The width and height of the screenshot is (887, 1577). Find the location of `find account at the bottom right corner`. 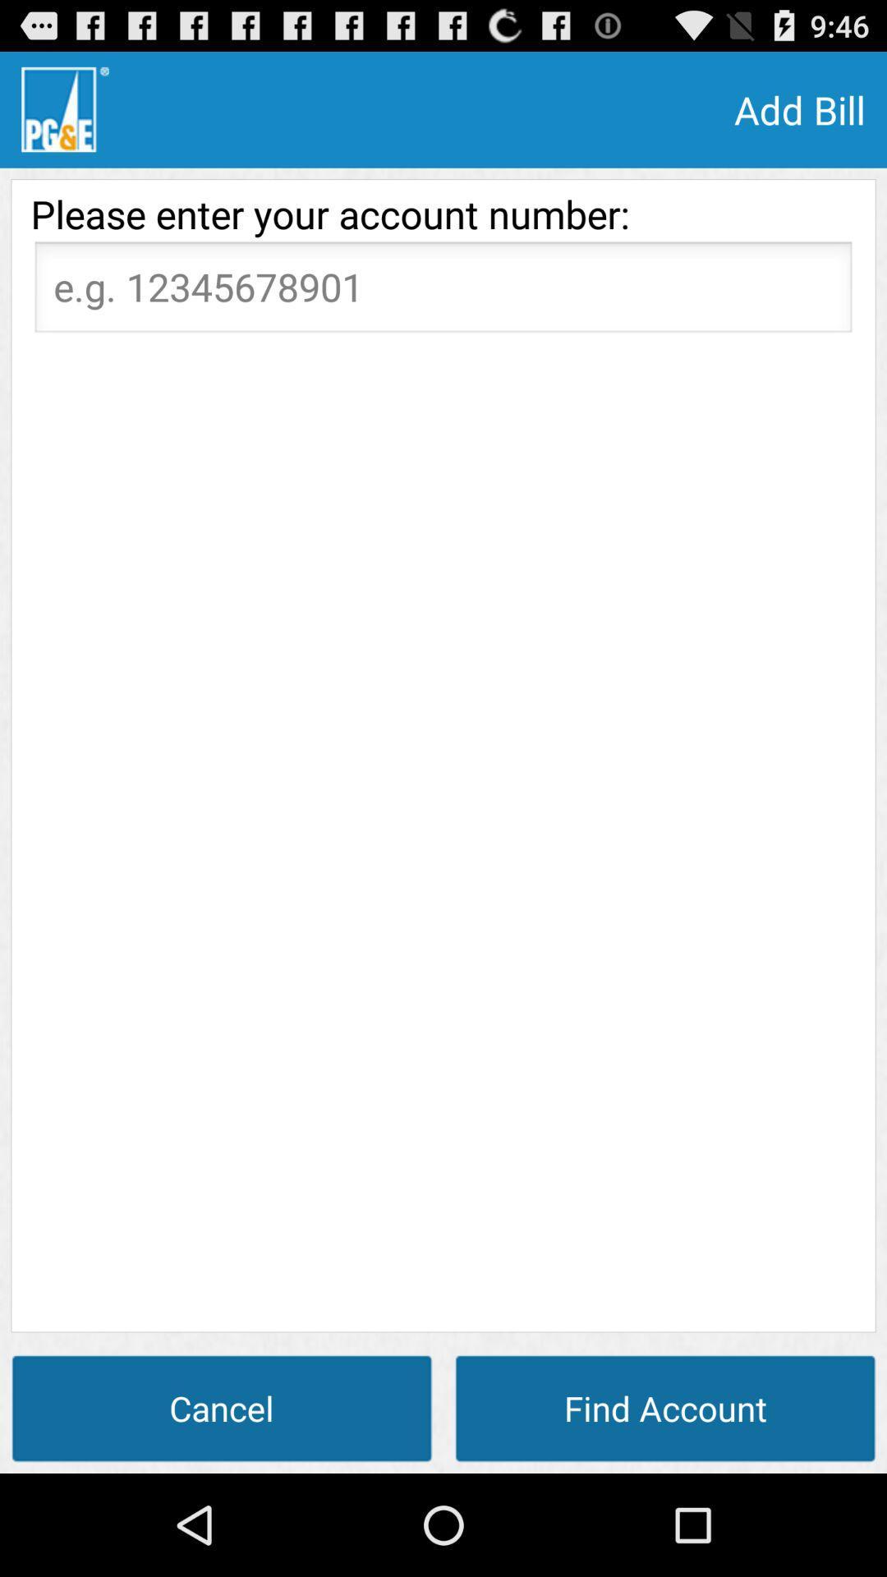

find account at the bottom right corner is located at coordinates (665, 1407).